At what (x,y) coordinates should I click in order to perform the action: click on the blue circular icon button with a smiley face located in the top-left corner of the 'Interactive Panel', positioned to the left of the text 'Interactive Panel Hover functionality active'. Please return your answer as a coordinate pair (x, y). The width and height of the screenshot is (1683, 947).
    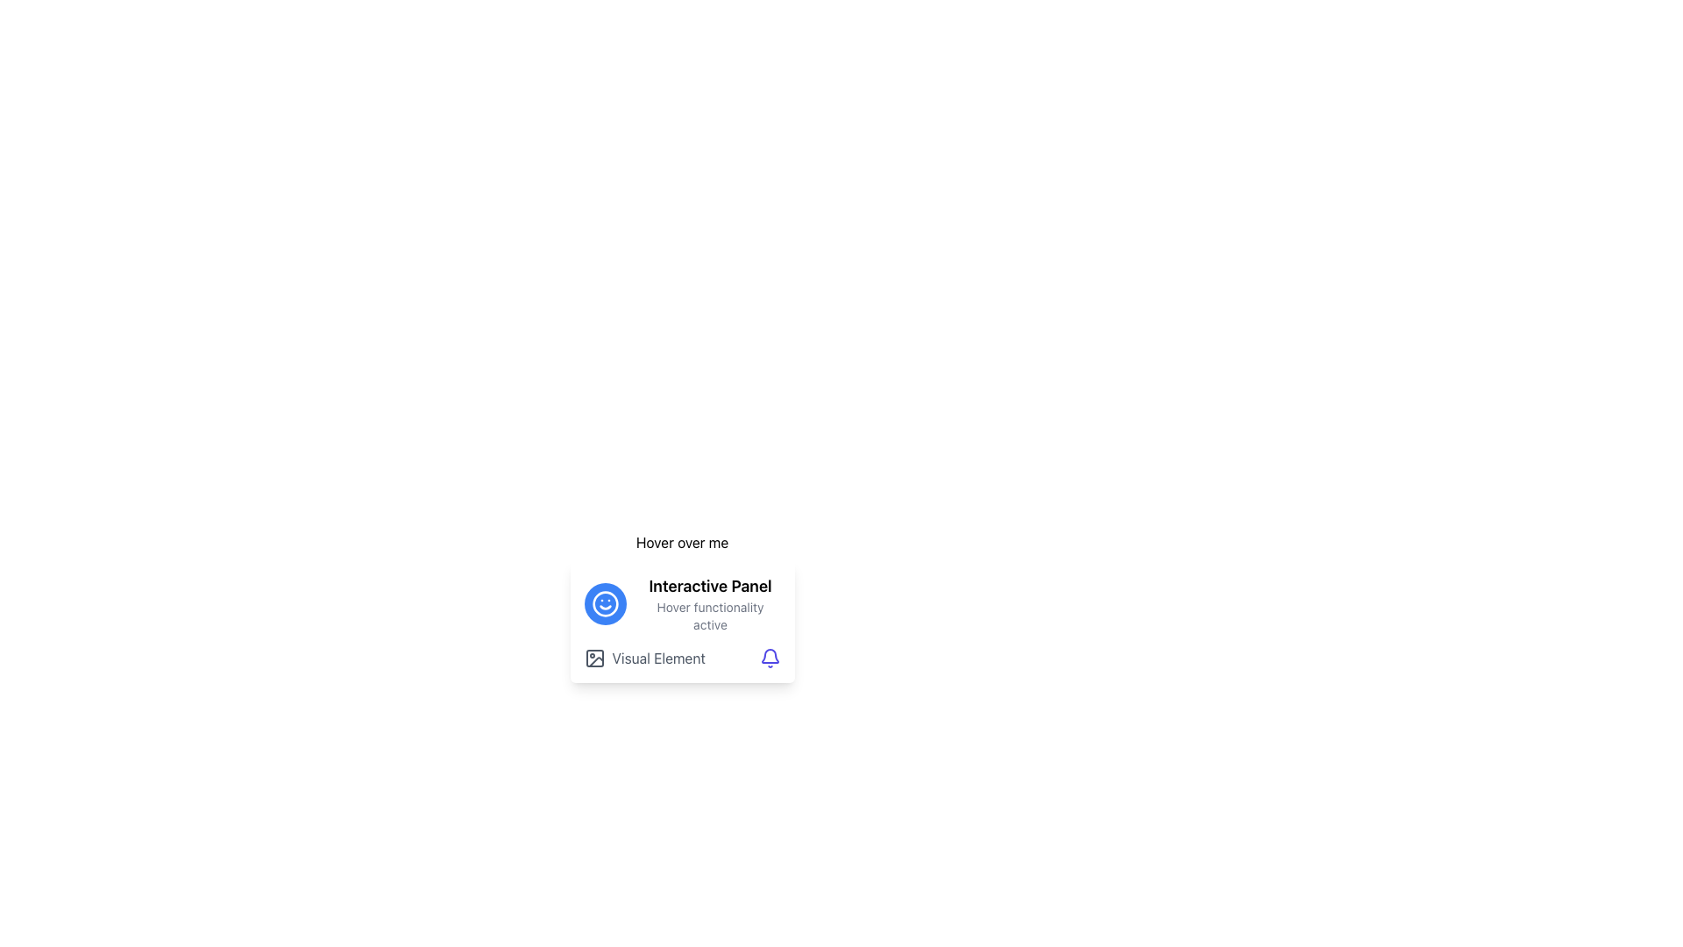
    Looking at the image, I should click on (605, 603).